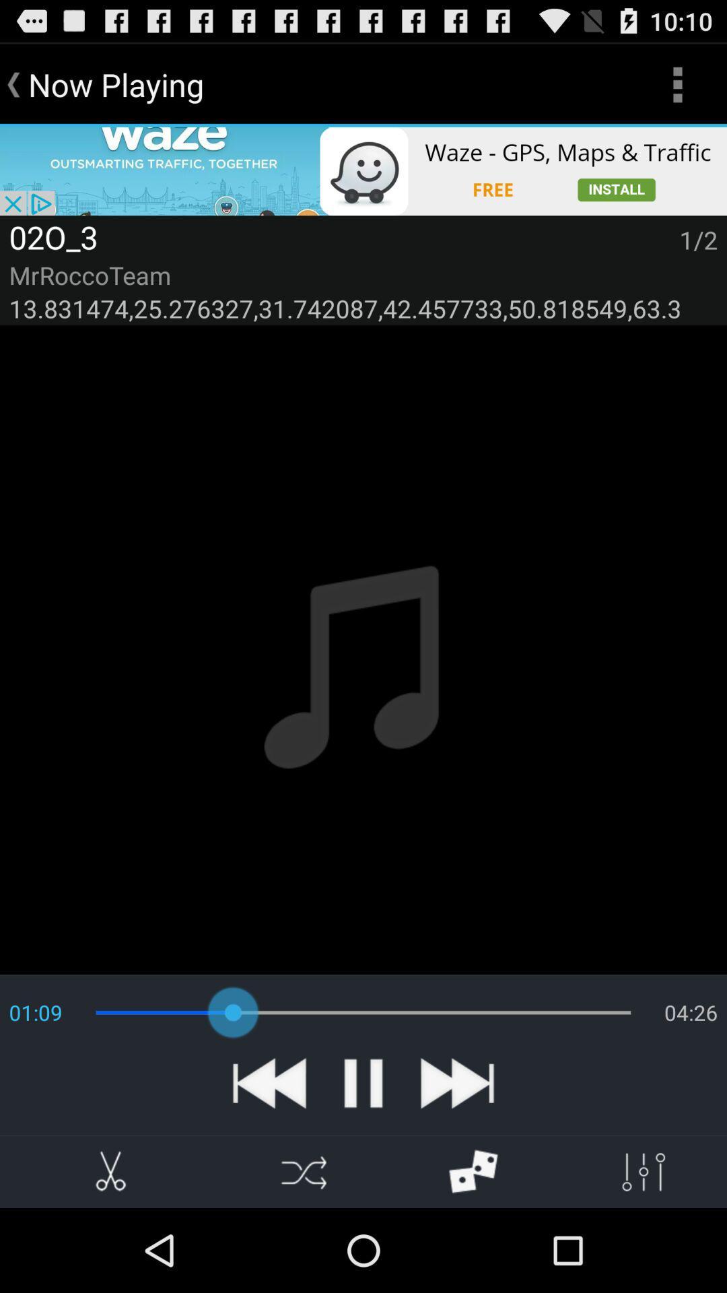 The image size is (727, 1293). What do you see at coordinates (363, 1158) in the screenshot?
I see `the pause icon` at bounding box center [363, 1158].